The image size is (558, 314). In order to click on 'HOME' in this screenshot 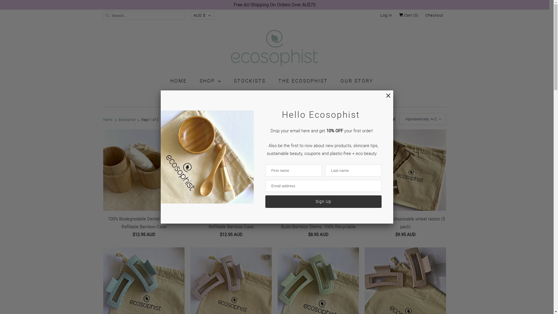, I will do `click(178, 81)`.